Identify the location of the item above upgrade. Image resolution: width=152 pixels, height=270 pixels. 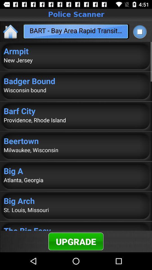
(76, 228).